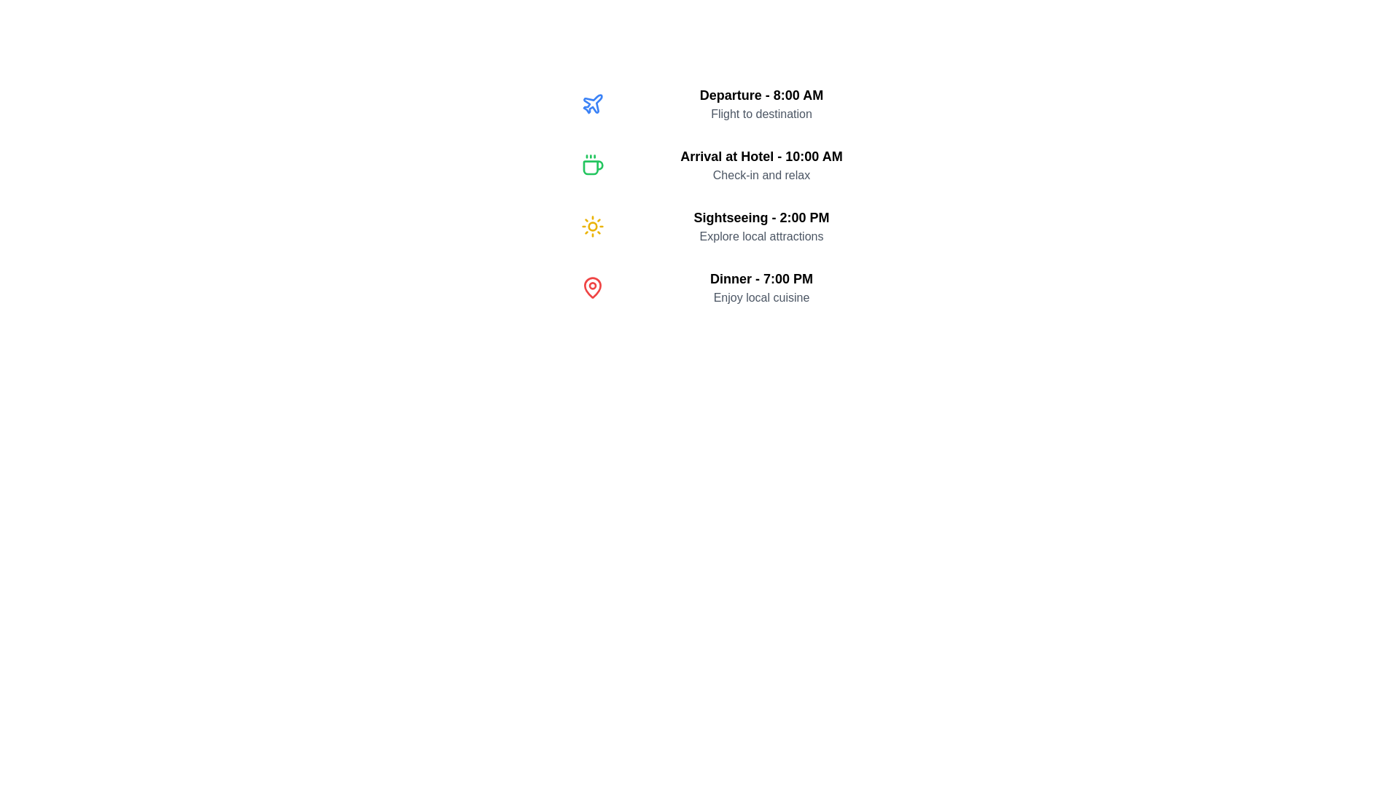 Image resolution: width=1400 pixels, height=787 pixels. I want to click on the graphical sun icon, which is yellow and has rays extending outward, located in the third row of items to the left of the text 'Sightseeing - 2:00 PM Explore local attractions', so click(592, 227).